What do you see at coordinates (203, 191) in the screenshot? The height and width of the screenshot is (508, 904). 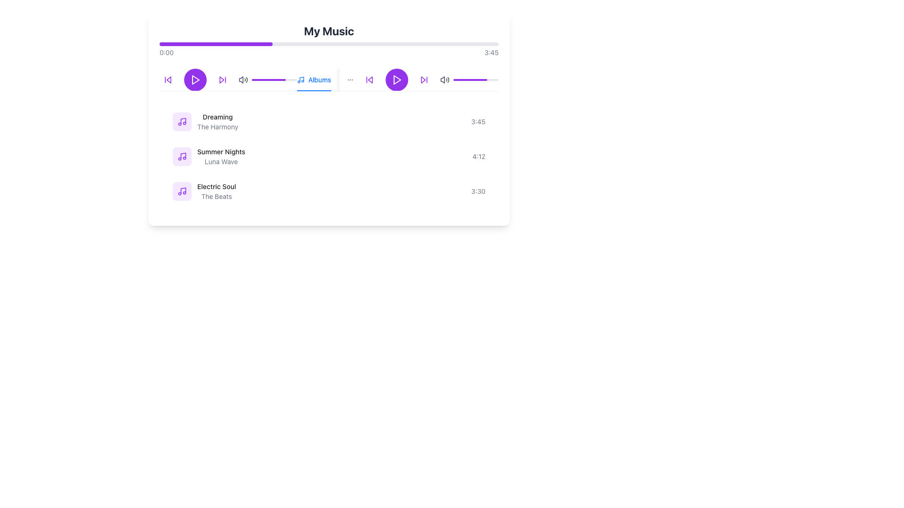 I see `the third music track element, which displays the track name and details` at bounding box center [203, 191].